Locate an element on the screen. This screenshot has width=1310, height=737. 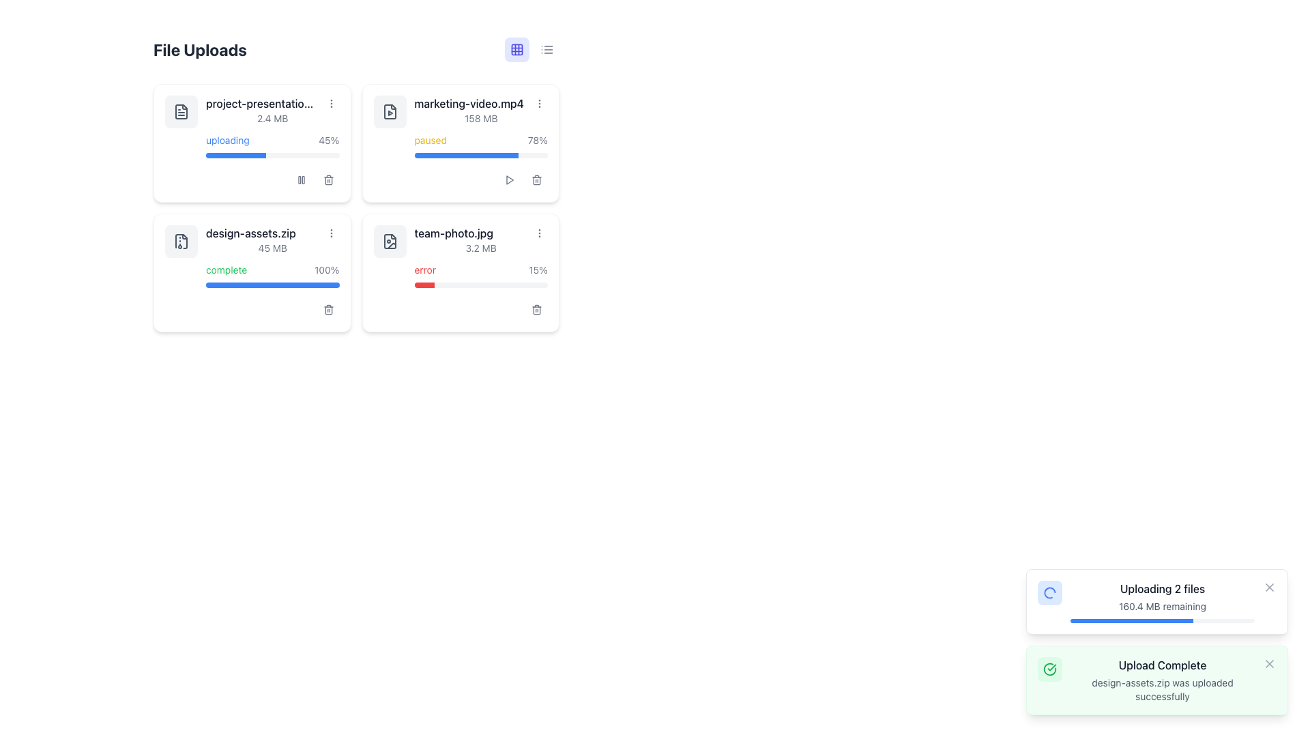
the File upload status card, which contains information about the current file upload is located at coordinates (481, 126).